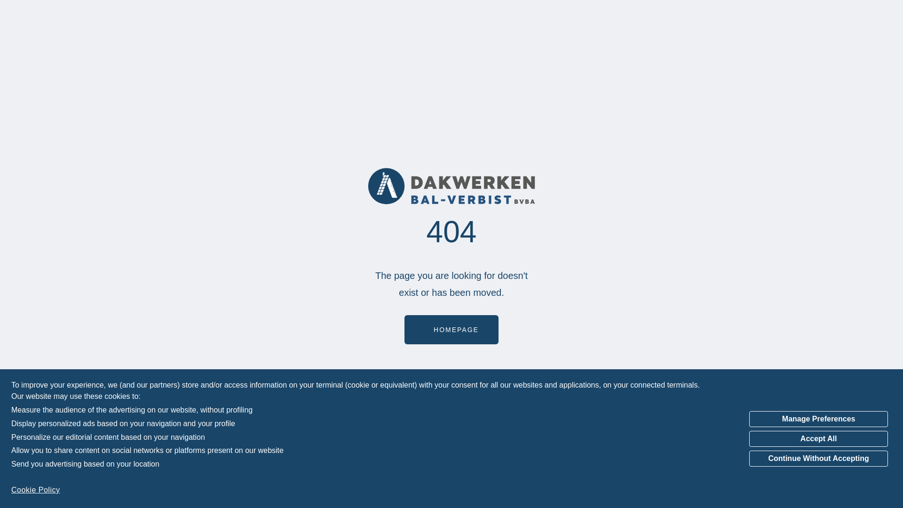 This screenshot has width=903, height=508. Describe the element at coordinates (818, 458) in the screenshot. I see `'Continue Without Accepting'` at that location.